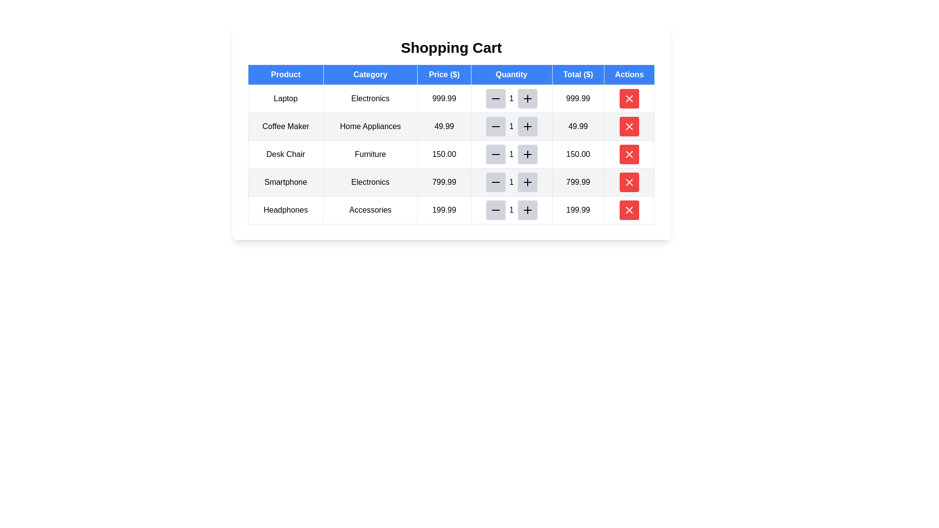 Image resolution: width=939 pixels, height=528 pixels. I want to click on the read-only numerical display of the current quantity for the 'Home Appliances' item in the shopping cart interface, located under the 'Quantity' column, so click(511, 126).